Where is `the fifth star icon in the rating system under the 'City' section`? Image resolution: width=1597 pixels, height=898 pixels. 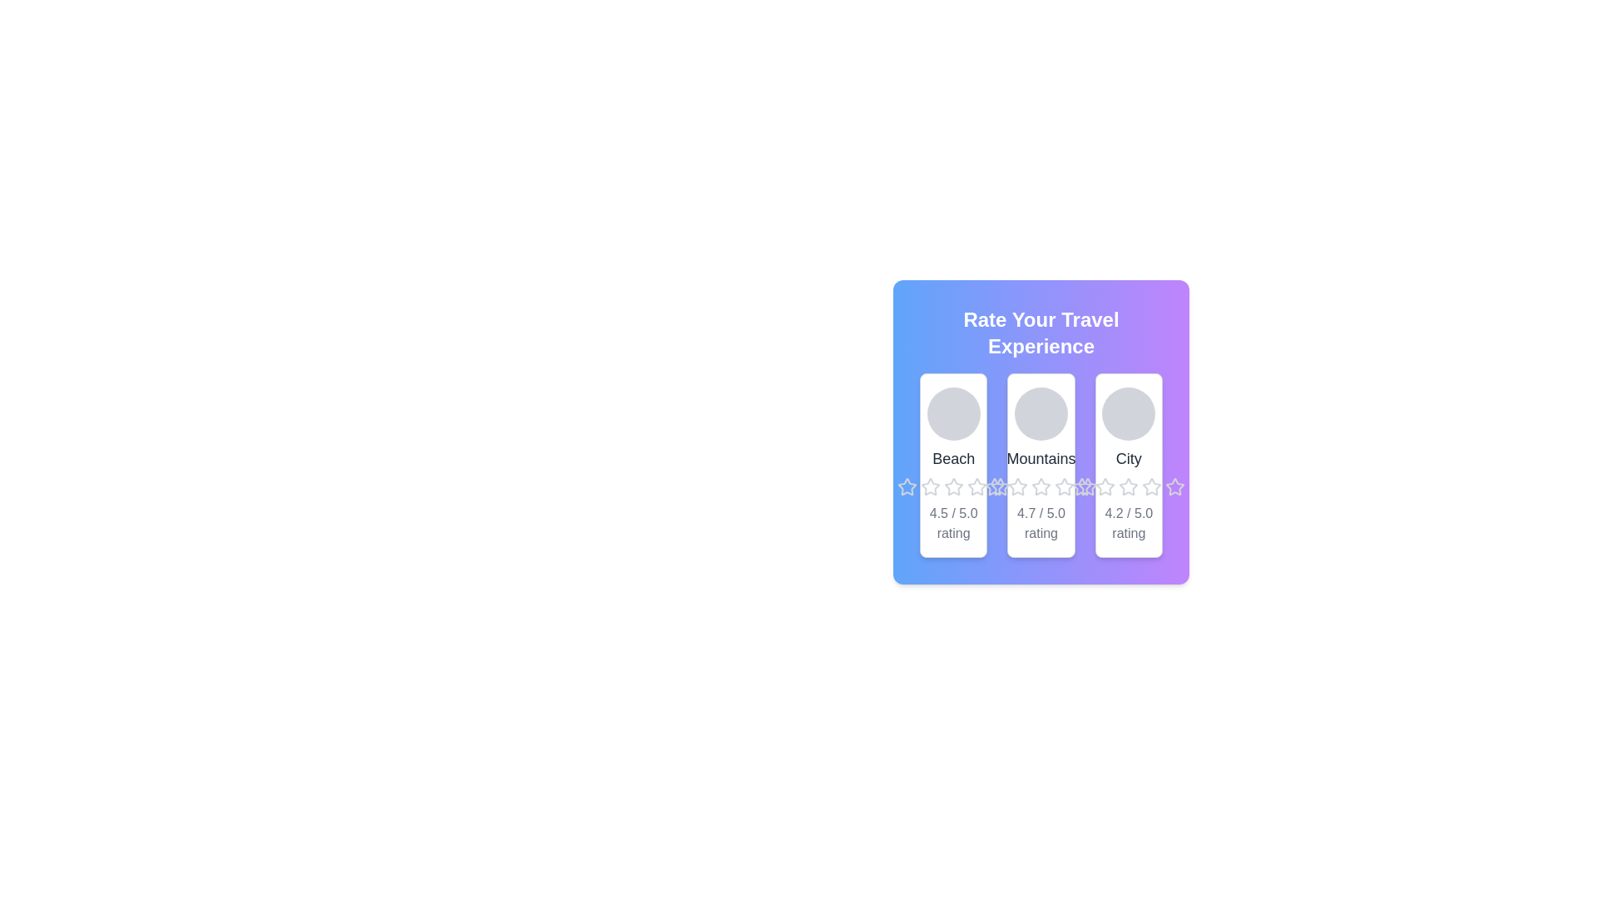 the fifth star icon in the rating system under the 'City' section is located at coordinates (1151, 486).